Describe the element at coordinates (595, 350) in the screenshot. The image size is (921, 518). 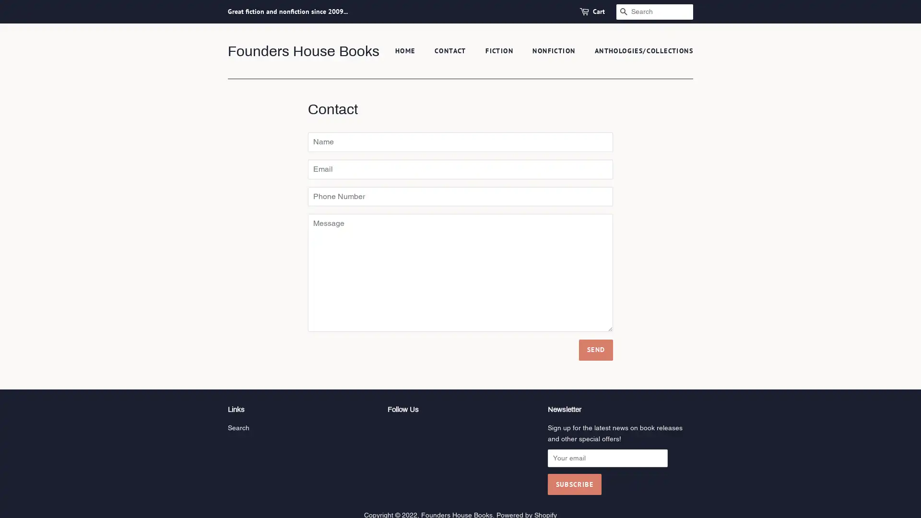
I see `Send` at that location.